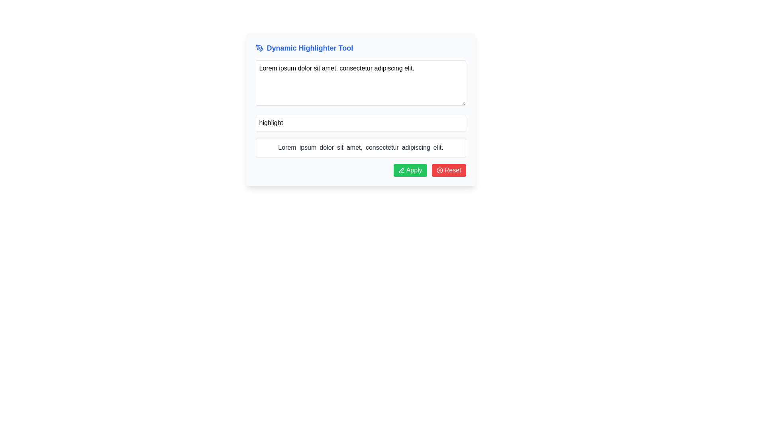  What do you see at coordinates (382, 147) in the screenshot?
I see `the text element displaying 'consectetur', which is the sixth word in a line of text, located centrally in the interface` at bounding box center [382, 147].